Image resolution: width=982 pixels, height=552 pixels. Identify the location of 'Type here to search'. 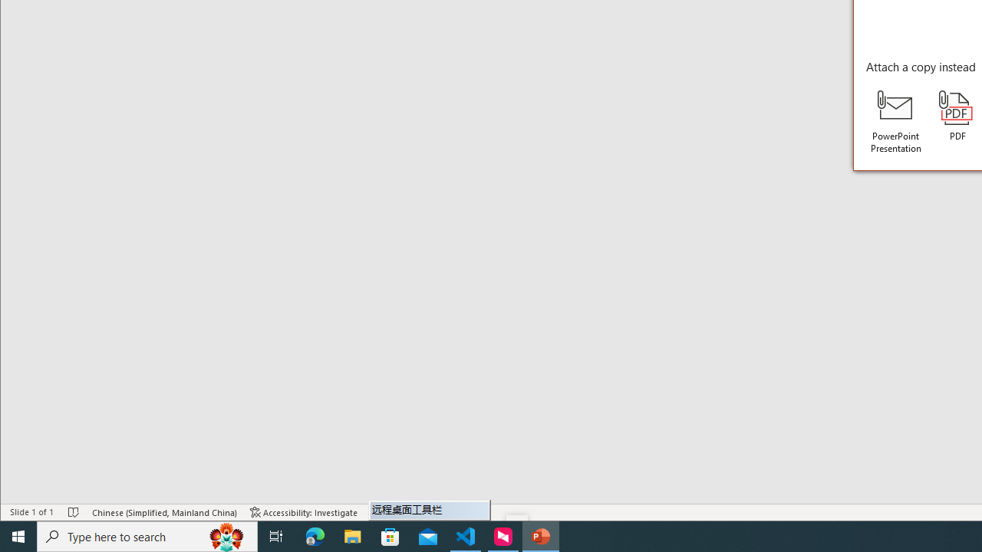
(147, 535).